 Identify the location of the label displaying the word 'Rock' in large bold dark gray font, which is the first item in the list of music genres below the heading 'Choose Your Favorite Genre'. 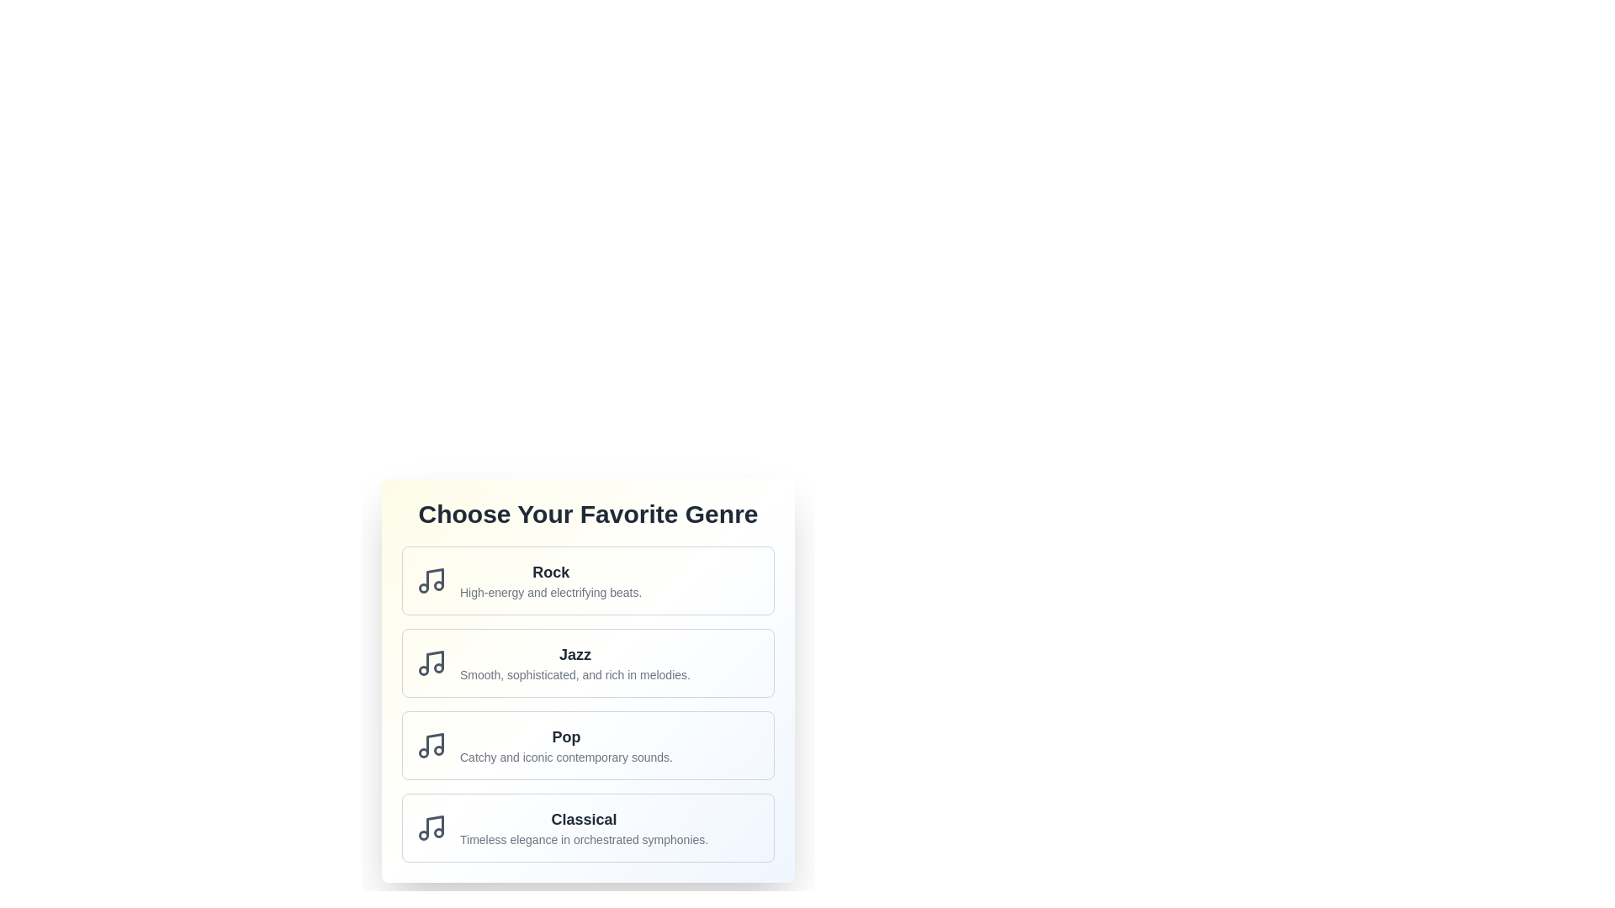
(551, 572).